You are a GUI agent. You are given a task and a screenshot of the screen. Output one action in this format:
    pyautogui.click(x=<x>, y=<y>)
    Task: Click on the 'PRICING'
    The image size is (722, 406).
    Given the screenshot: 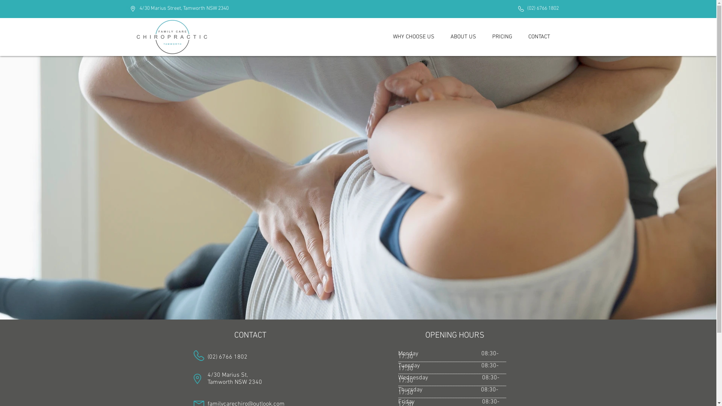 What is the action you would take?
    pyautogui.click(x=502, y=37)
    